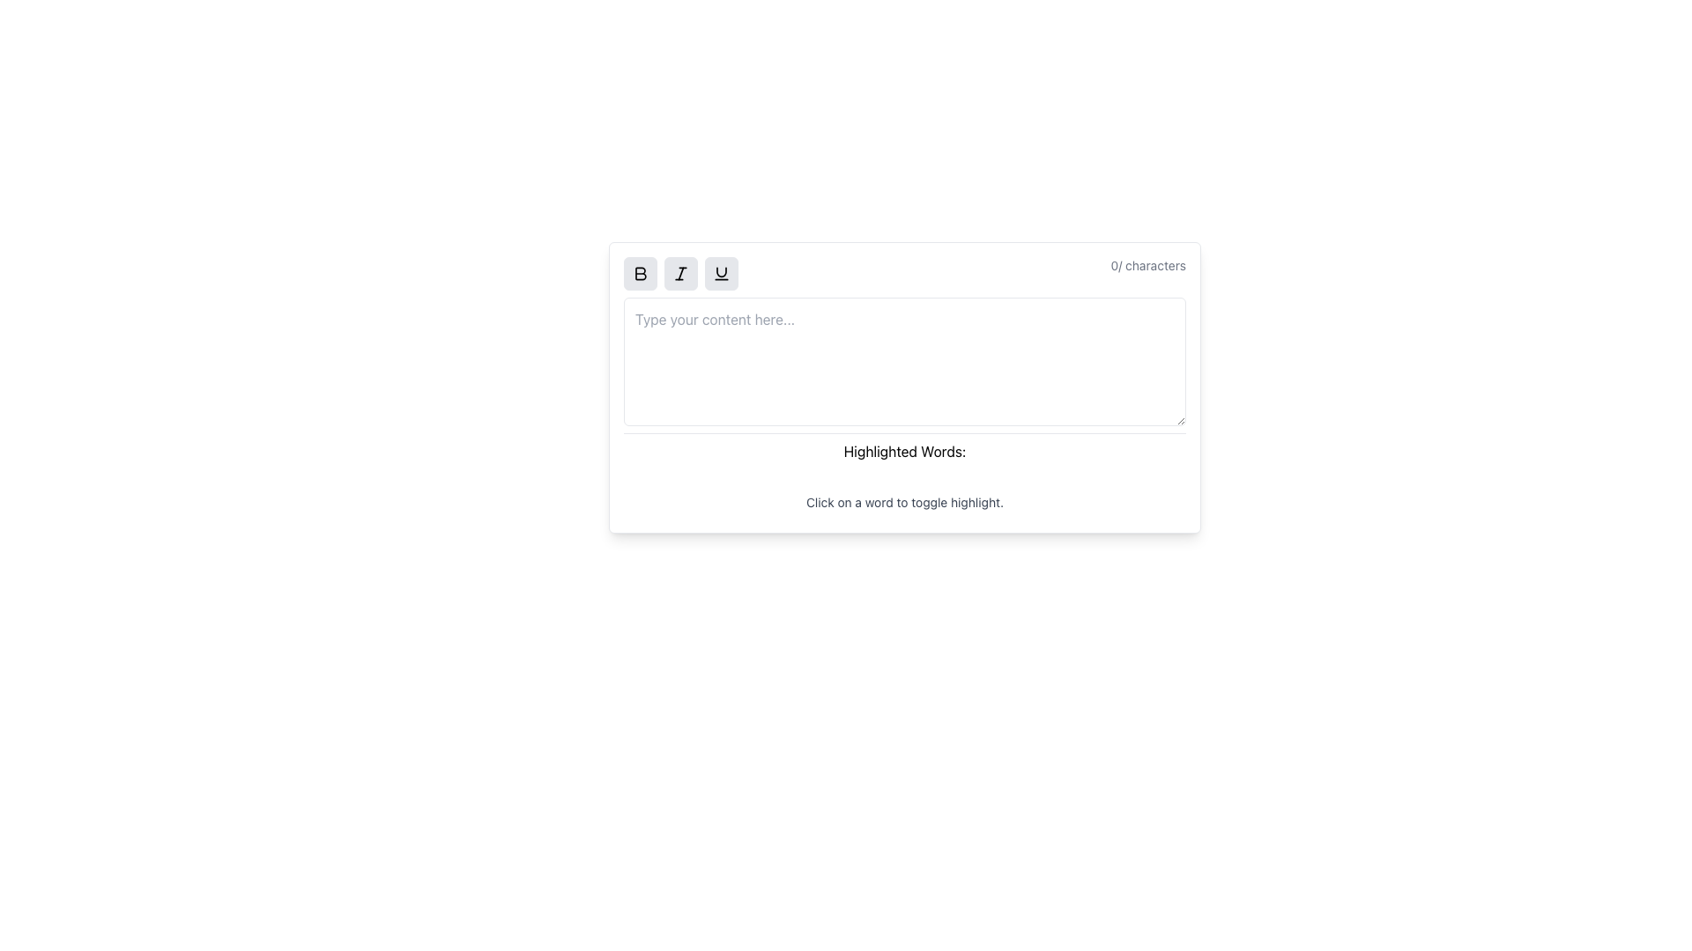 The image size is (1692, 951). Describe the element at coordinates (679, 274) in the screenshot. I see `Decorative Line element, which visually indicates the 'Italic' formatting style and is the third button from the left in the toolbar above the text entry area` at that location.